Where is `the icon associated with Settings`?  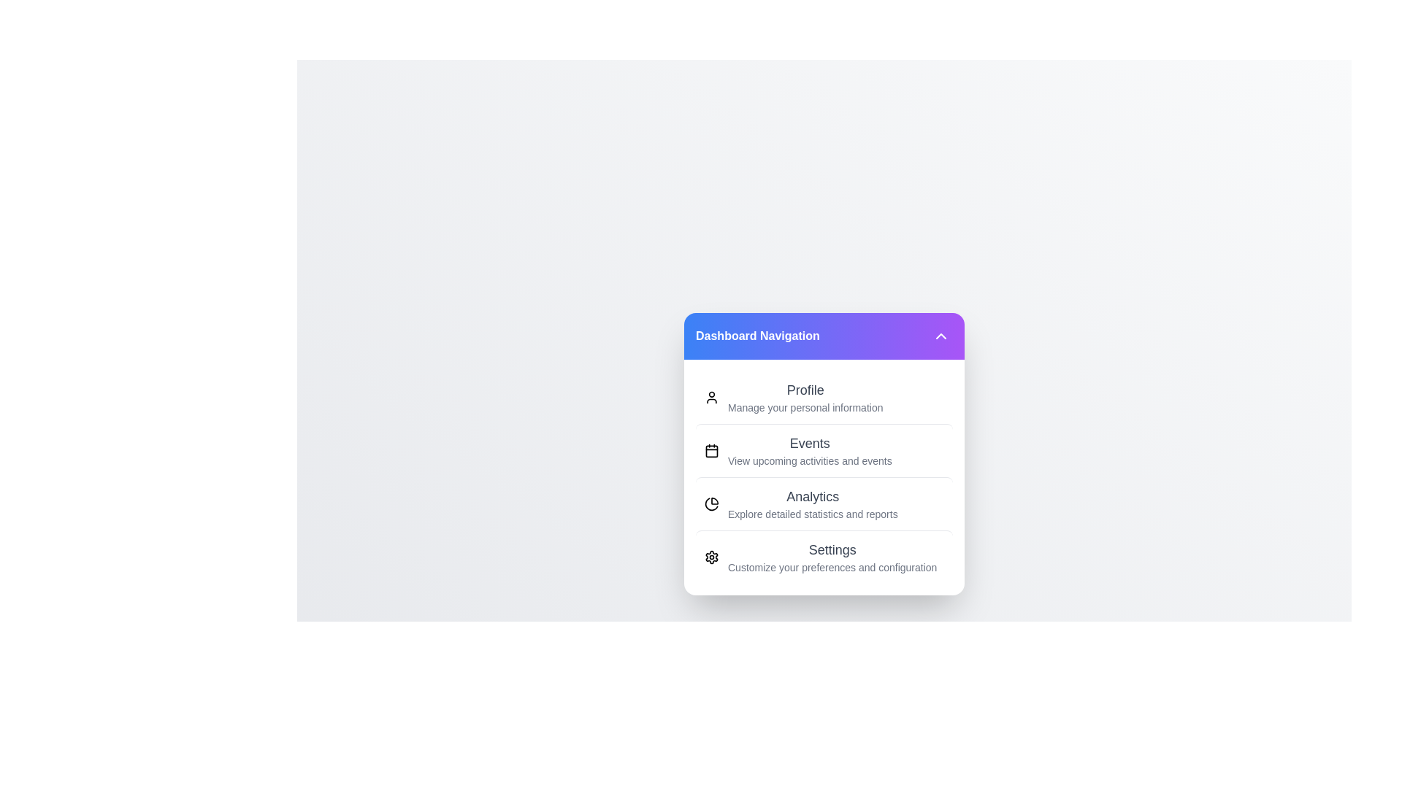
the icon associated with Settings is located at coordinates (711, 557).